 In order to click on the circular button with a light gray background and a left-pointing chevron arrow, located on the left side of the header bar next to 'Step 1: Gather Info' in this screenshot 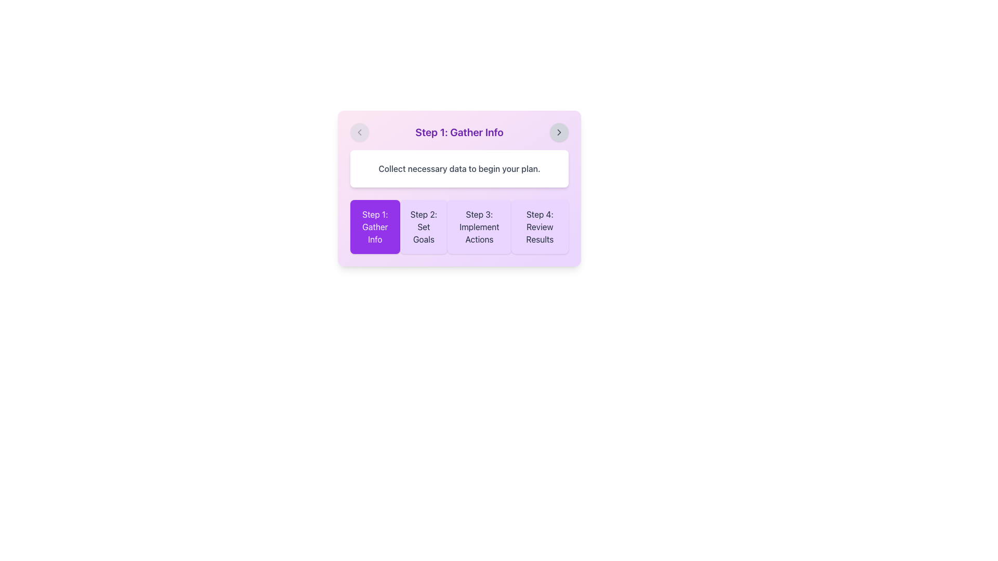, I will do `click(359, 131)`.